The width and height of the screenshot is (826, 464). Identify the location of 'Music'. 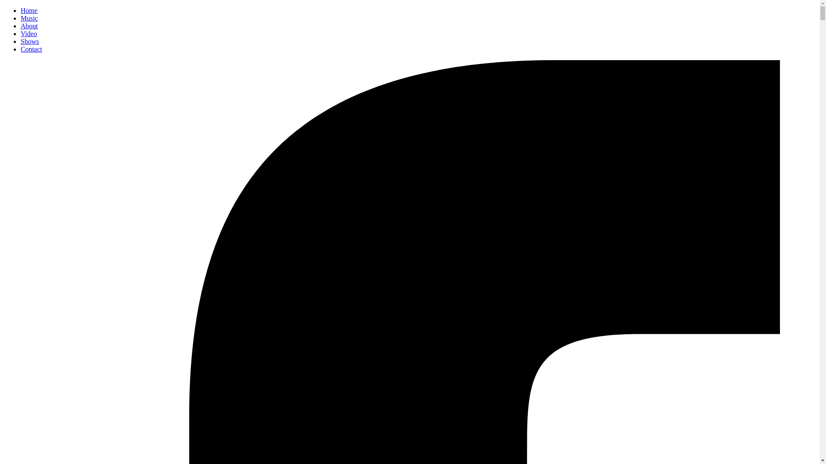
(29, 18).